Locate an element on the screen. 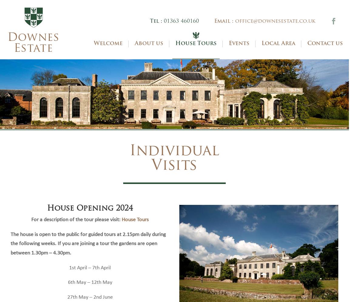 The image size is (355, 302). 'Welcome' is located at coordinates (108, 52).